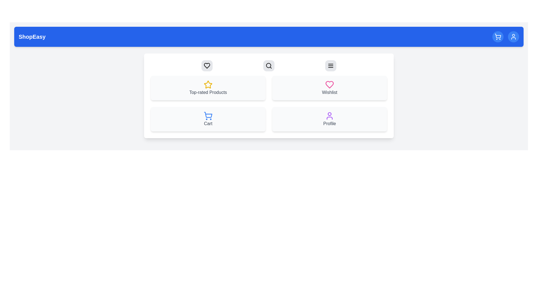  Describe the element at coordinates (330, 65) in the screenshot. I see `the third icon button from the left in the navigation bar at the top-right corner of the page` at that location.